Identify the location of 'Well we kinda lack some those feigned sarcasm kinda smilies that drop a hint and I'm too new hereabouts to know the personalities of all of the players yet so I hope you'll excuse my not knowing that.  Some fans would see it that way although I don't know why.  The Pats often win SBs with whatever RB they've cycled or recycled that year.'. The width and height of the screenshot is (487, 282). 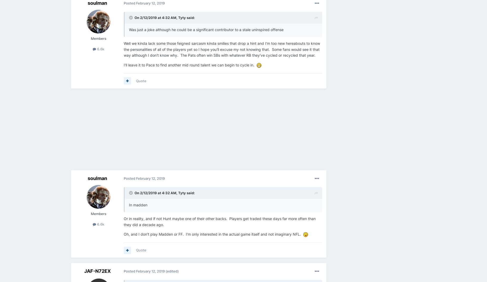
(222, 49).